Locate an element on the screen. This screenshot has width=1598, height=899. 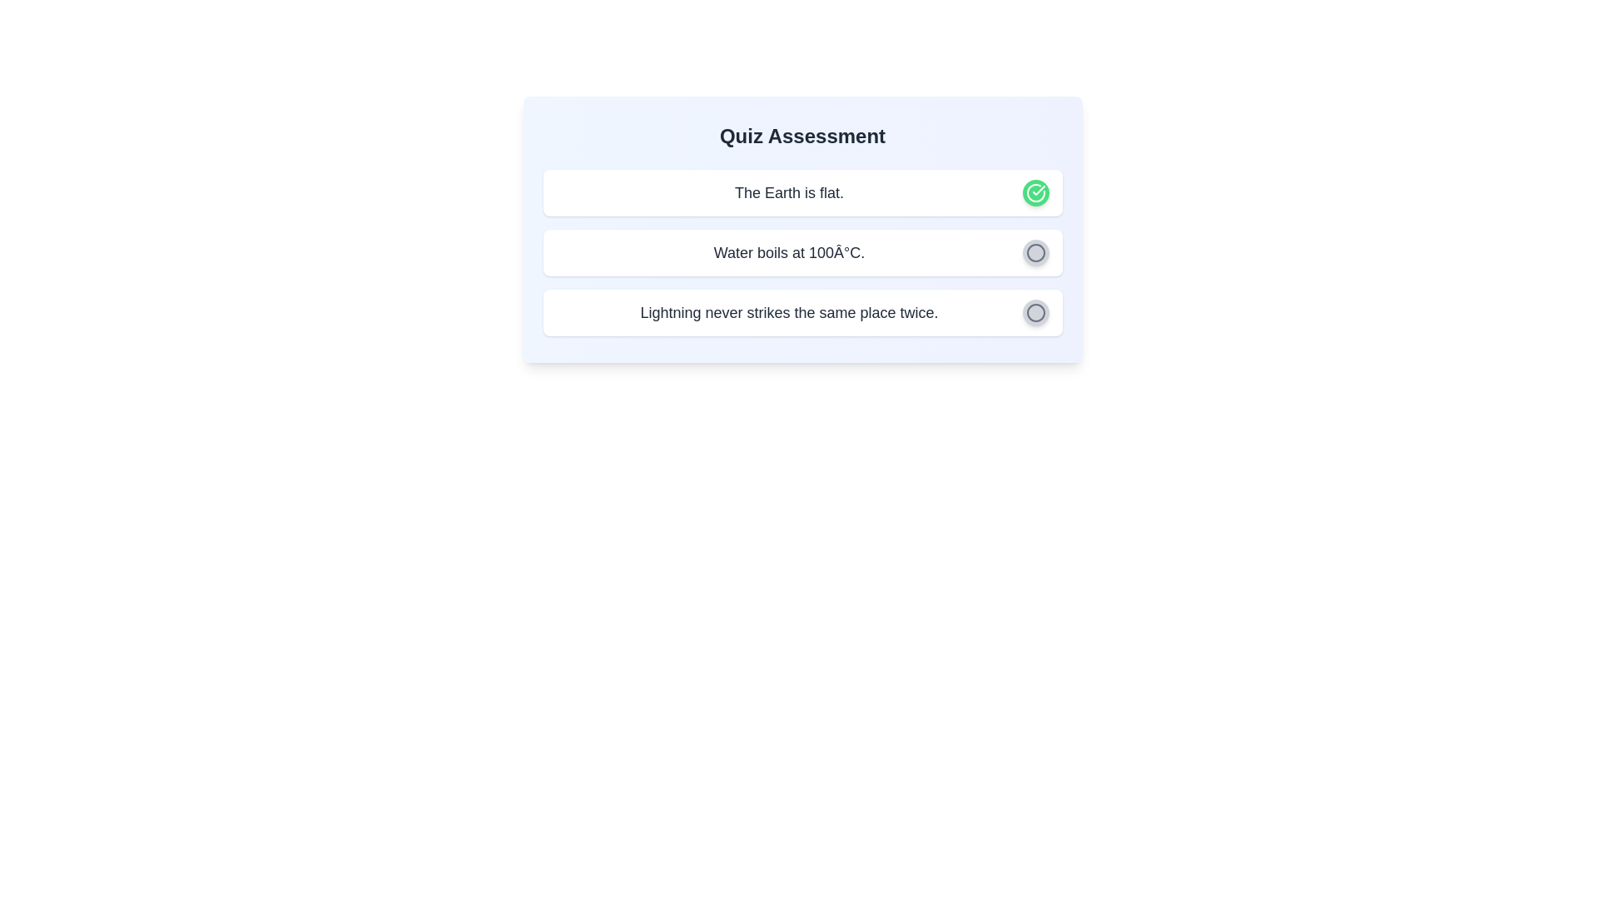
the question 'The Earth is flat.' by clicking the corresponding button is located at coordinates (1035, 191).